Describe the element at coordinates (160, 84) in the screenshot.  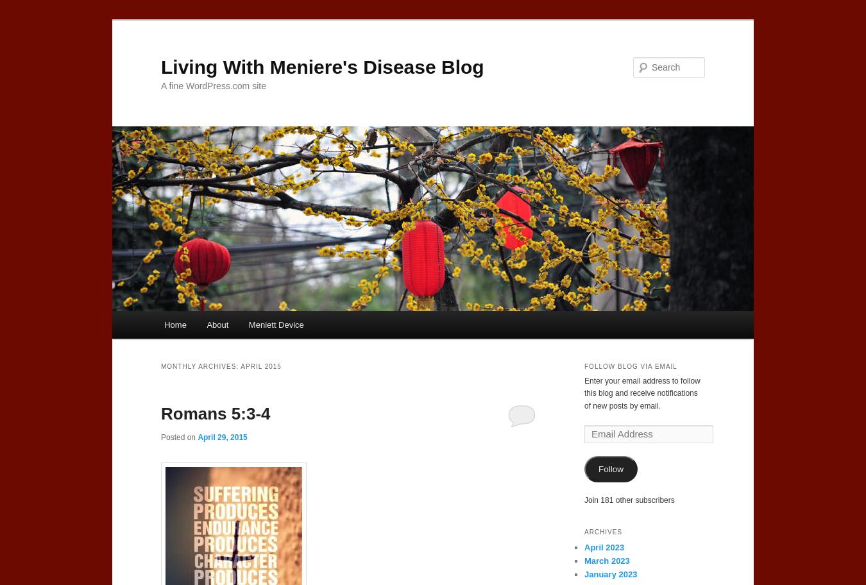
I see `'A fine WordPress.com site'` at that location.